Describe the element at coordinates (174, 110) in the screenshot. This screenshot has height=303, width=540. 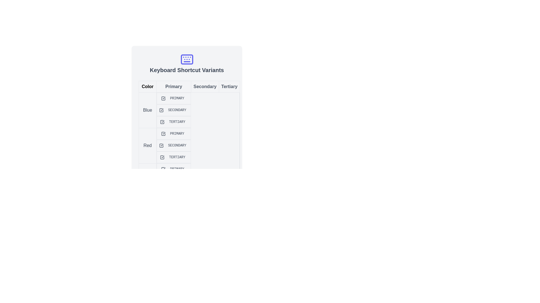
I see `the 'Secondary' text label in the 'Blue' section of the table` at that location.